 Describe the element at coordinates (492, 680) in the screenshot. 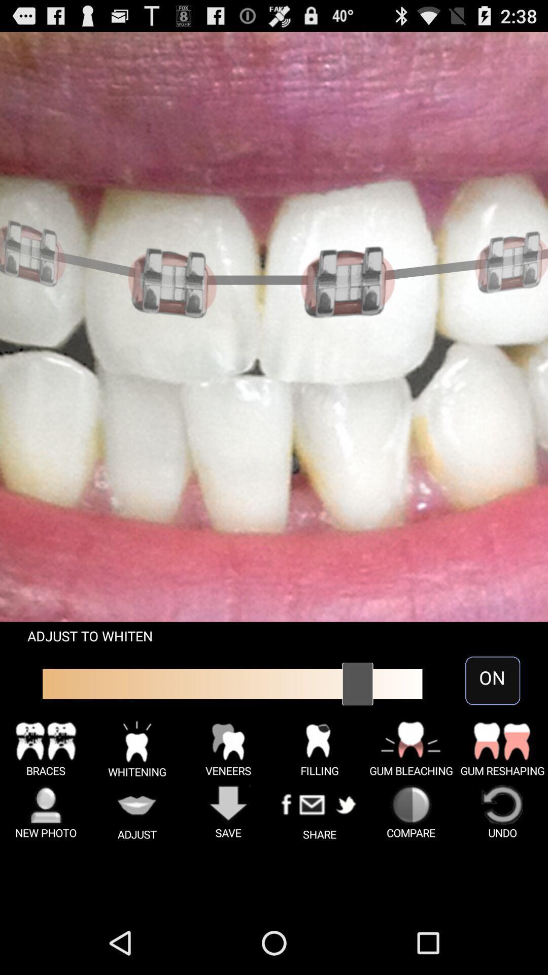

I see `the on` at that location.